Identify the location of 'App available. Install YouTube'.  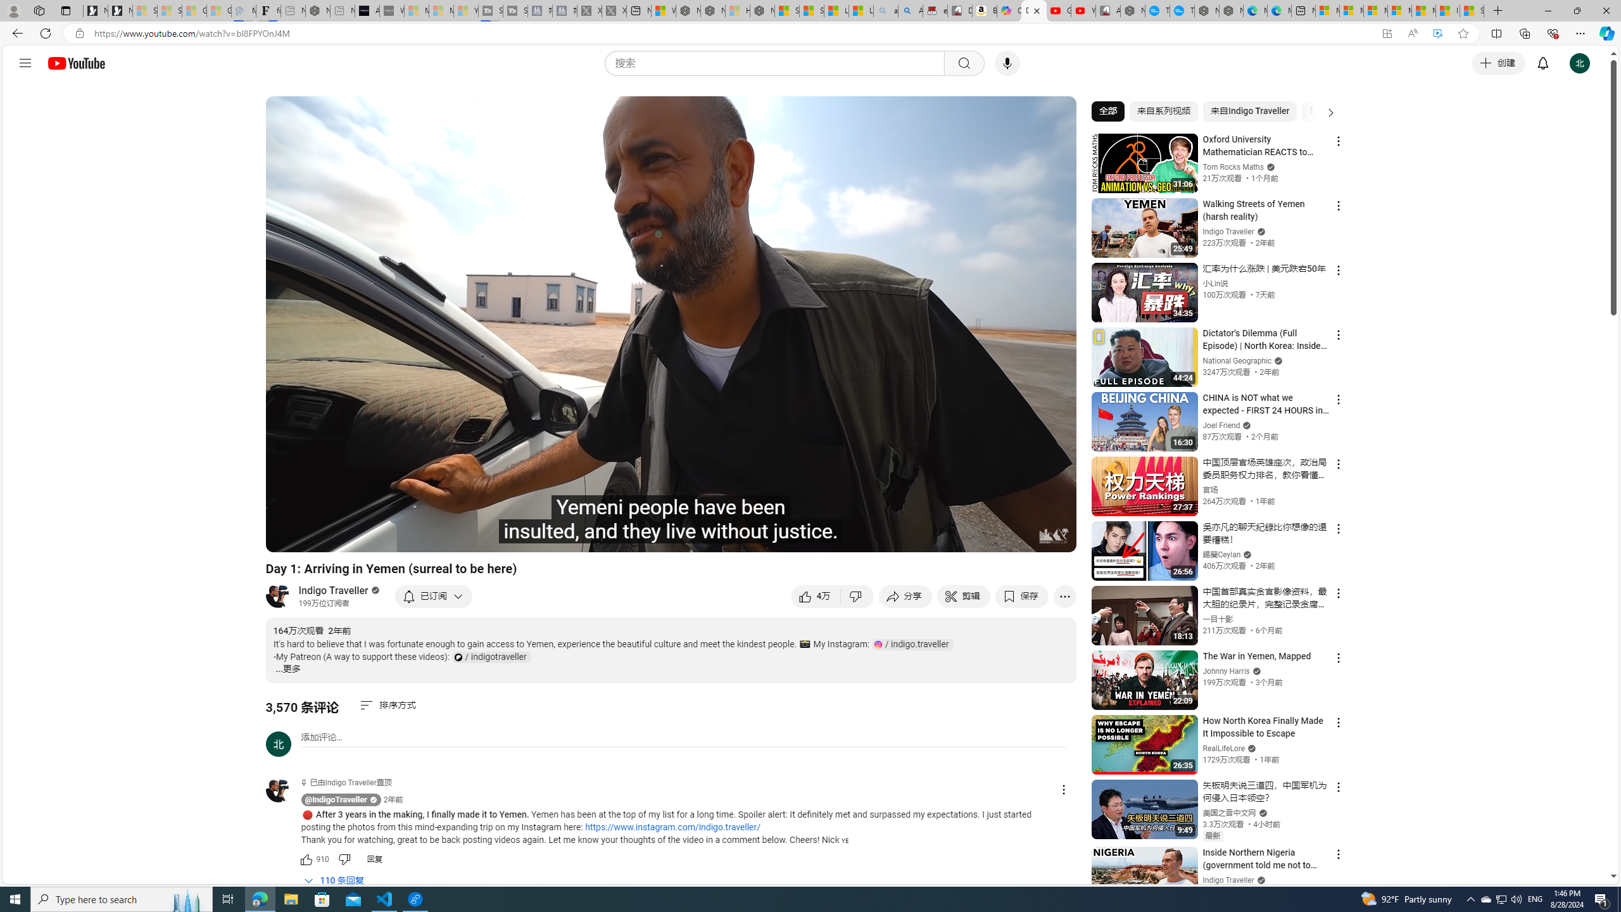
(1387, 34).